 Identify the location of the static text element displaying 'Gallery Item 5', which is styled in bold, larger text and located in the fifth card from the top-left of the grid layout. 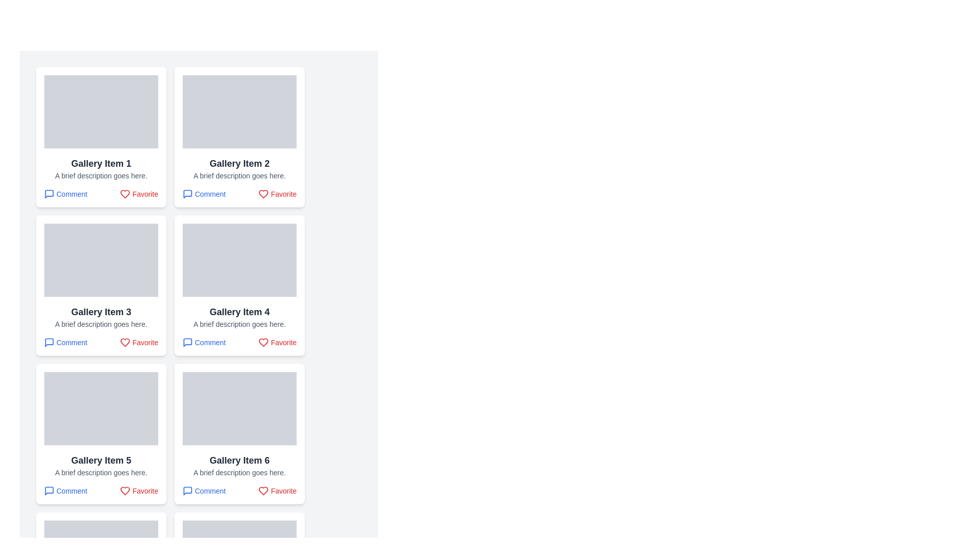
(101, 461).